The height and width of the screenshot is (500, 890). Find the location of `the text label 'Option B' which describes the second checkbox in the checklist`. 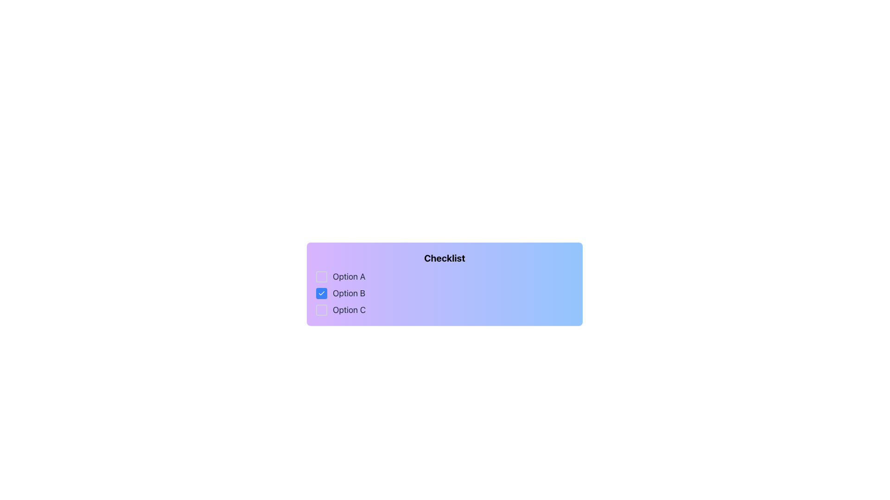

the text label 'Option B' which describes the second checkbox in the checklist is located at coordinates (349, 293).